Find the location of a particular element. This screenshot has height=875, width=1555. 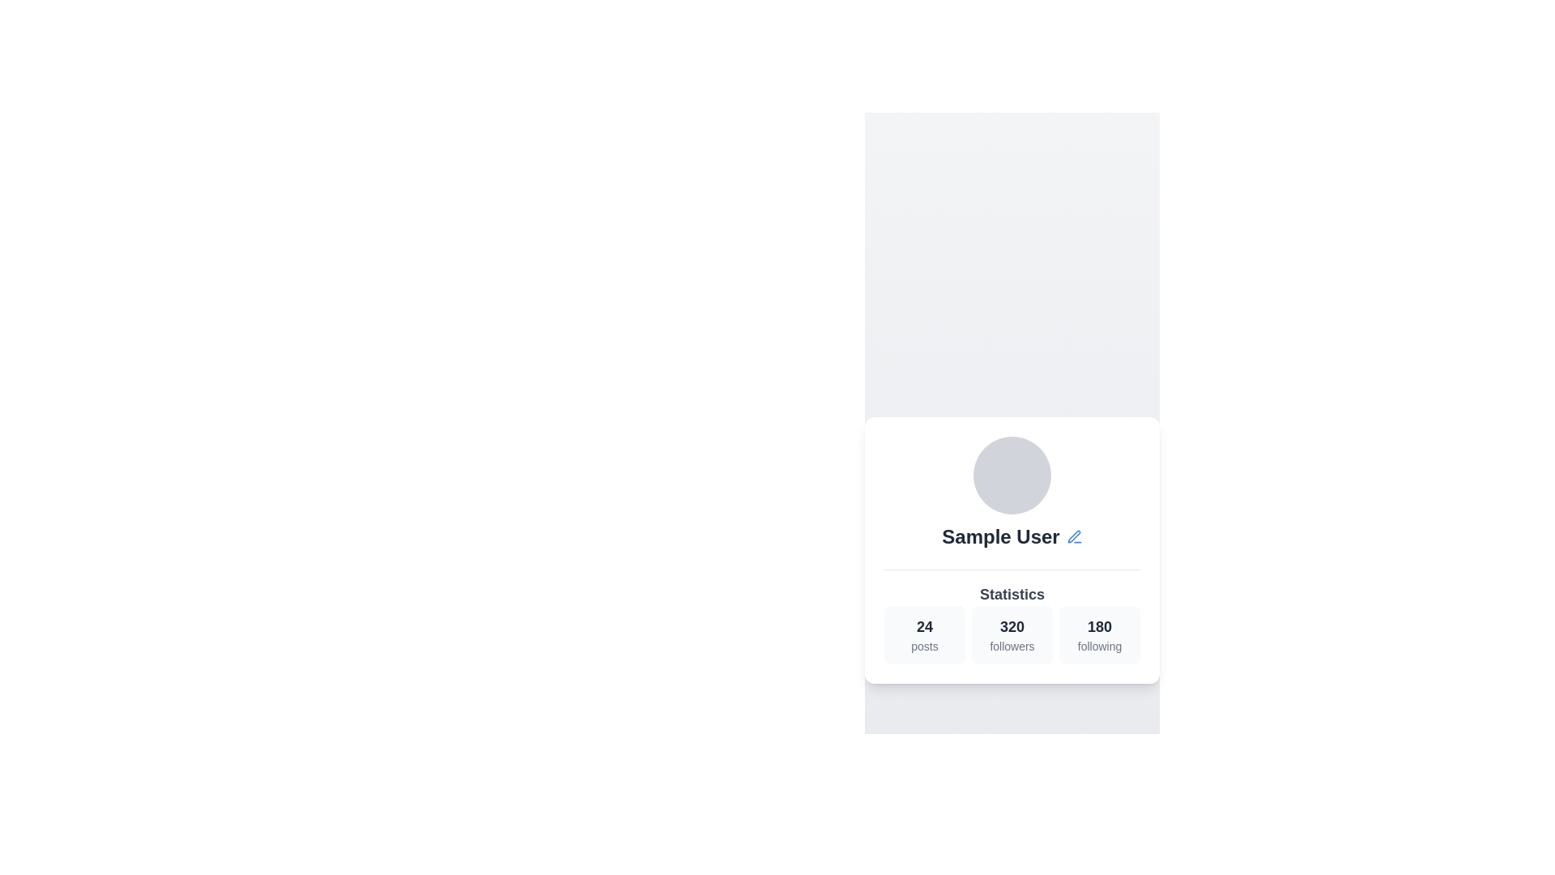

static text label indicating the count of entities the user is following, which is located below the numeric value '180' in the statistics section is located at coordinates (1100, 645).